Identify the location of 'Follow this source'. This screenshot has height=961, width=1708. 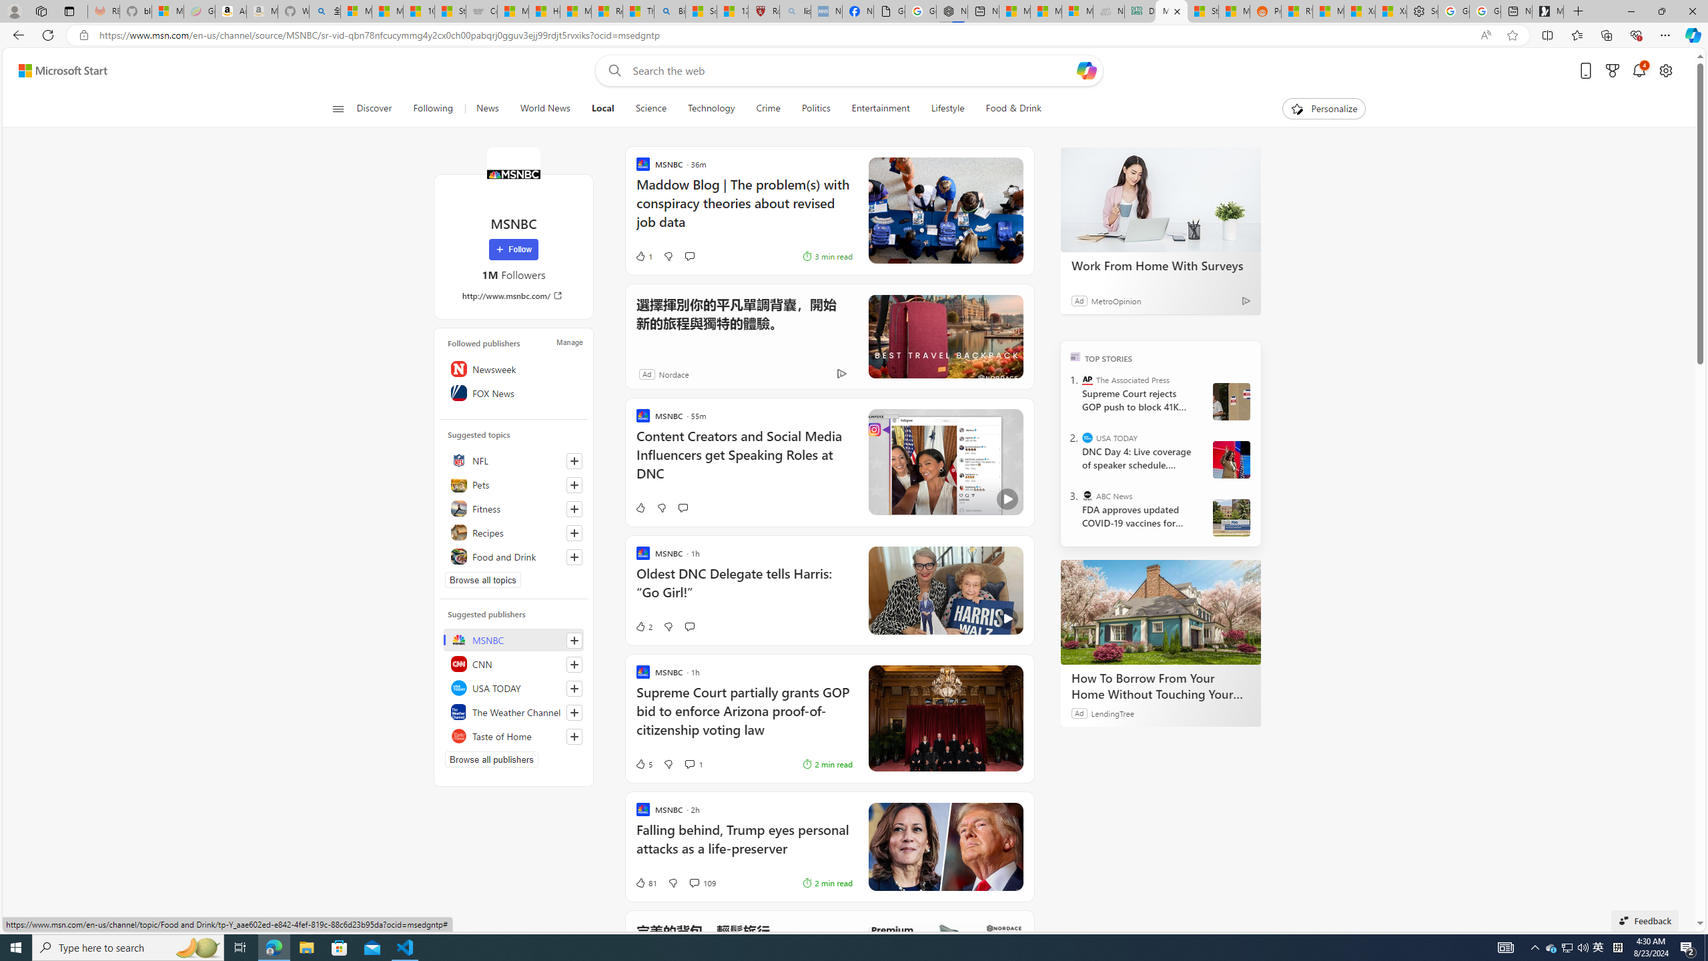
(574, 735).